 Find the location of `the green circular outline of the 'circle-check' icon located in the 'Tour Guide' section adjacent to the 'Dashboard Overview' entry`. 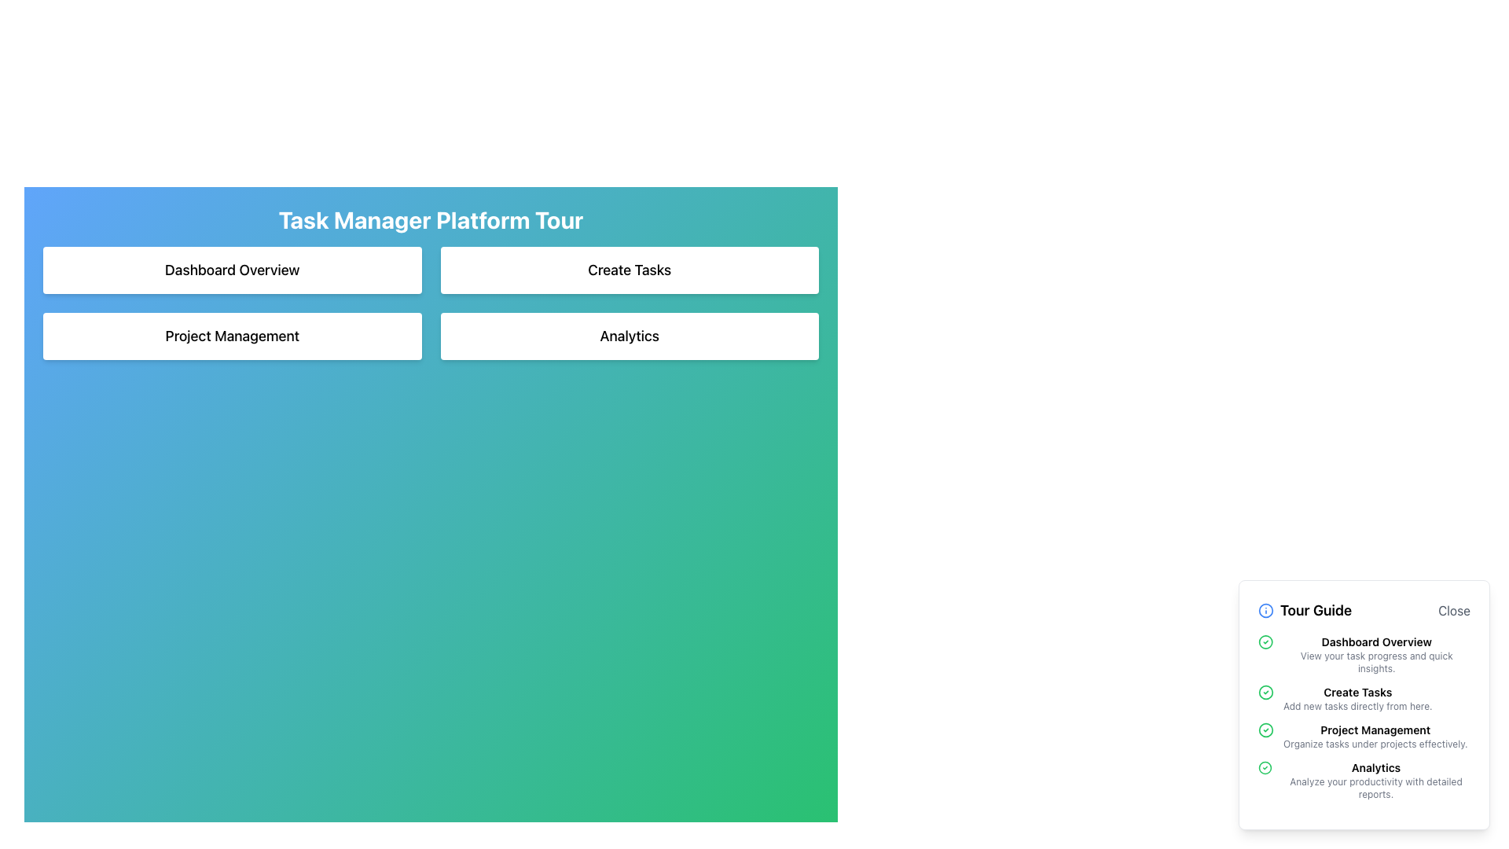

the green circular outline of the 'circle-check' icon located in the 'Tour Guide' section adjacent to the 'Dashboard Overview' entry is located at coordinates (1266, 691).